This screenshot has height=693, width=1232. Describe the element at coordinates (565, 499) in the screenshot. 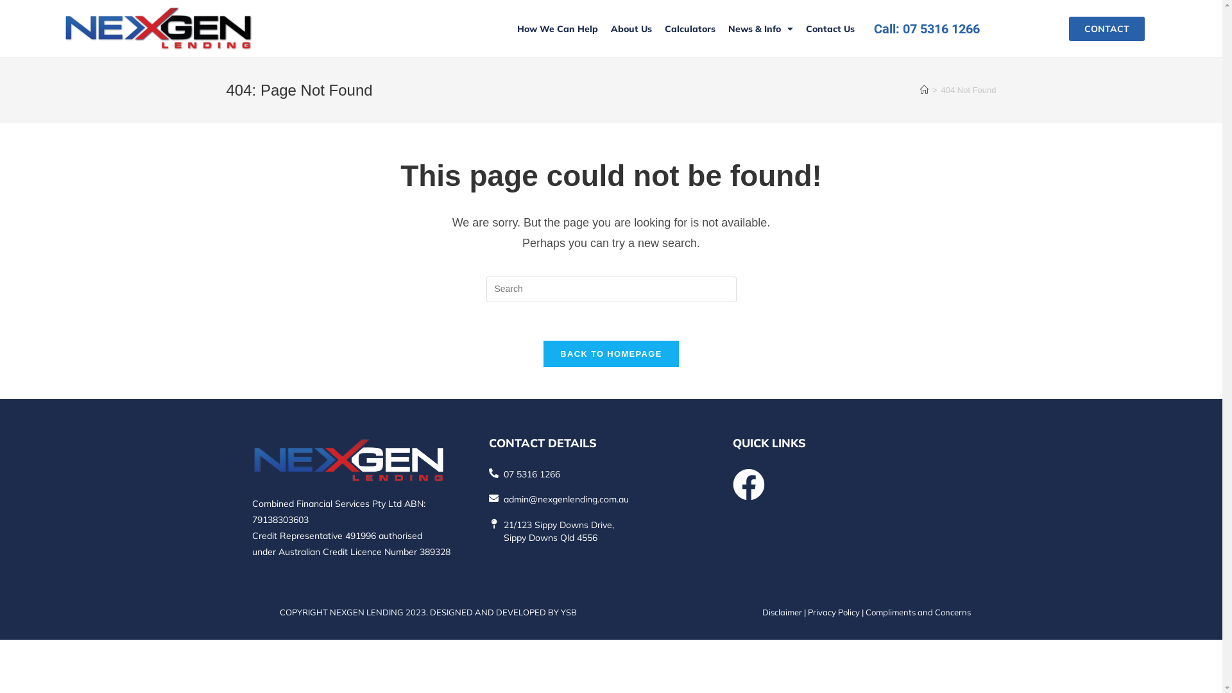

I see `'admin@nexgenlending.com.au'` at that location.